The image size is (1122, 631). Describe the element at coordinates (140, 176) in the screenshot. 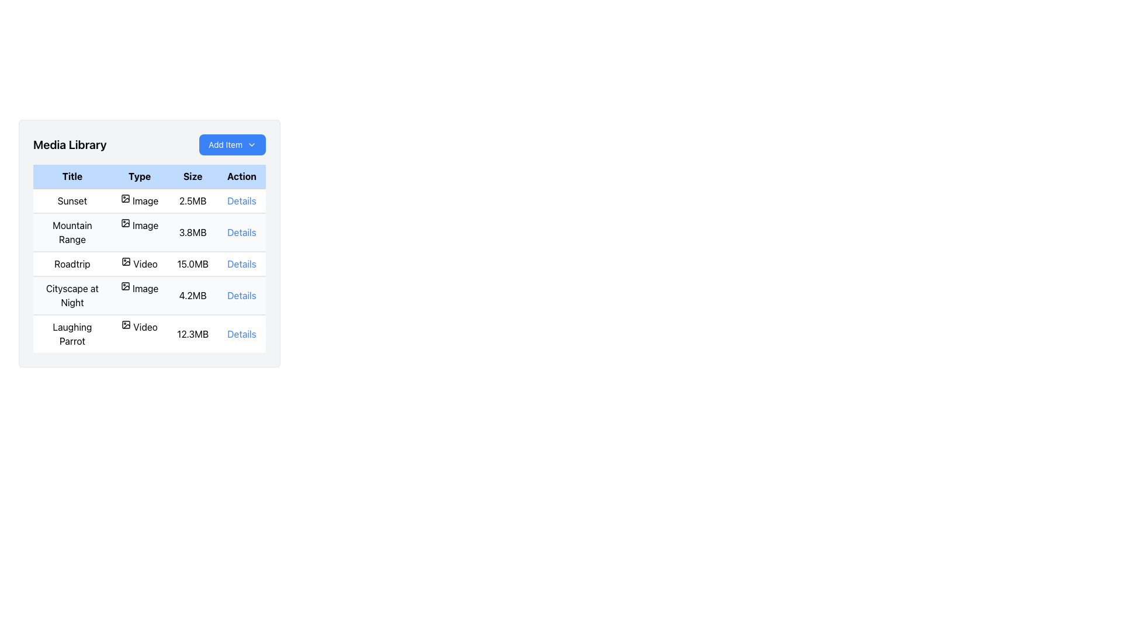

I see `the text label reading 'Type', which is styled with a light-blue background and black bold text, located in the second column of the table's header row` at that location.